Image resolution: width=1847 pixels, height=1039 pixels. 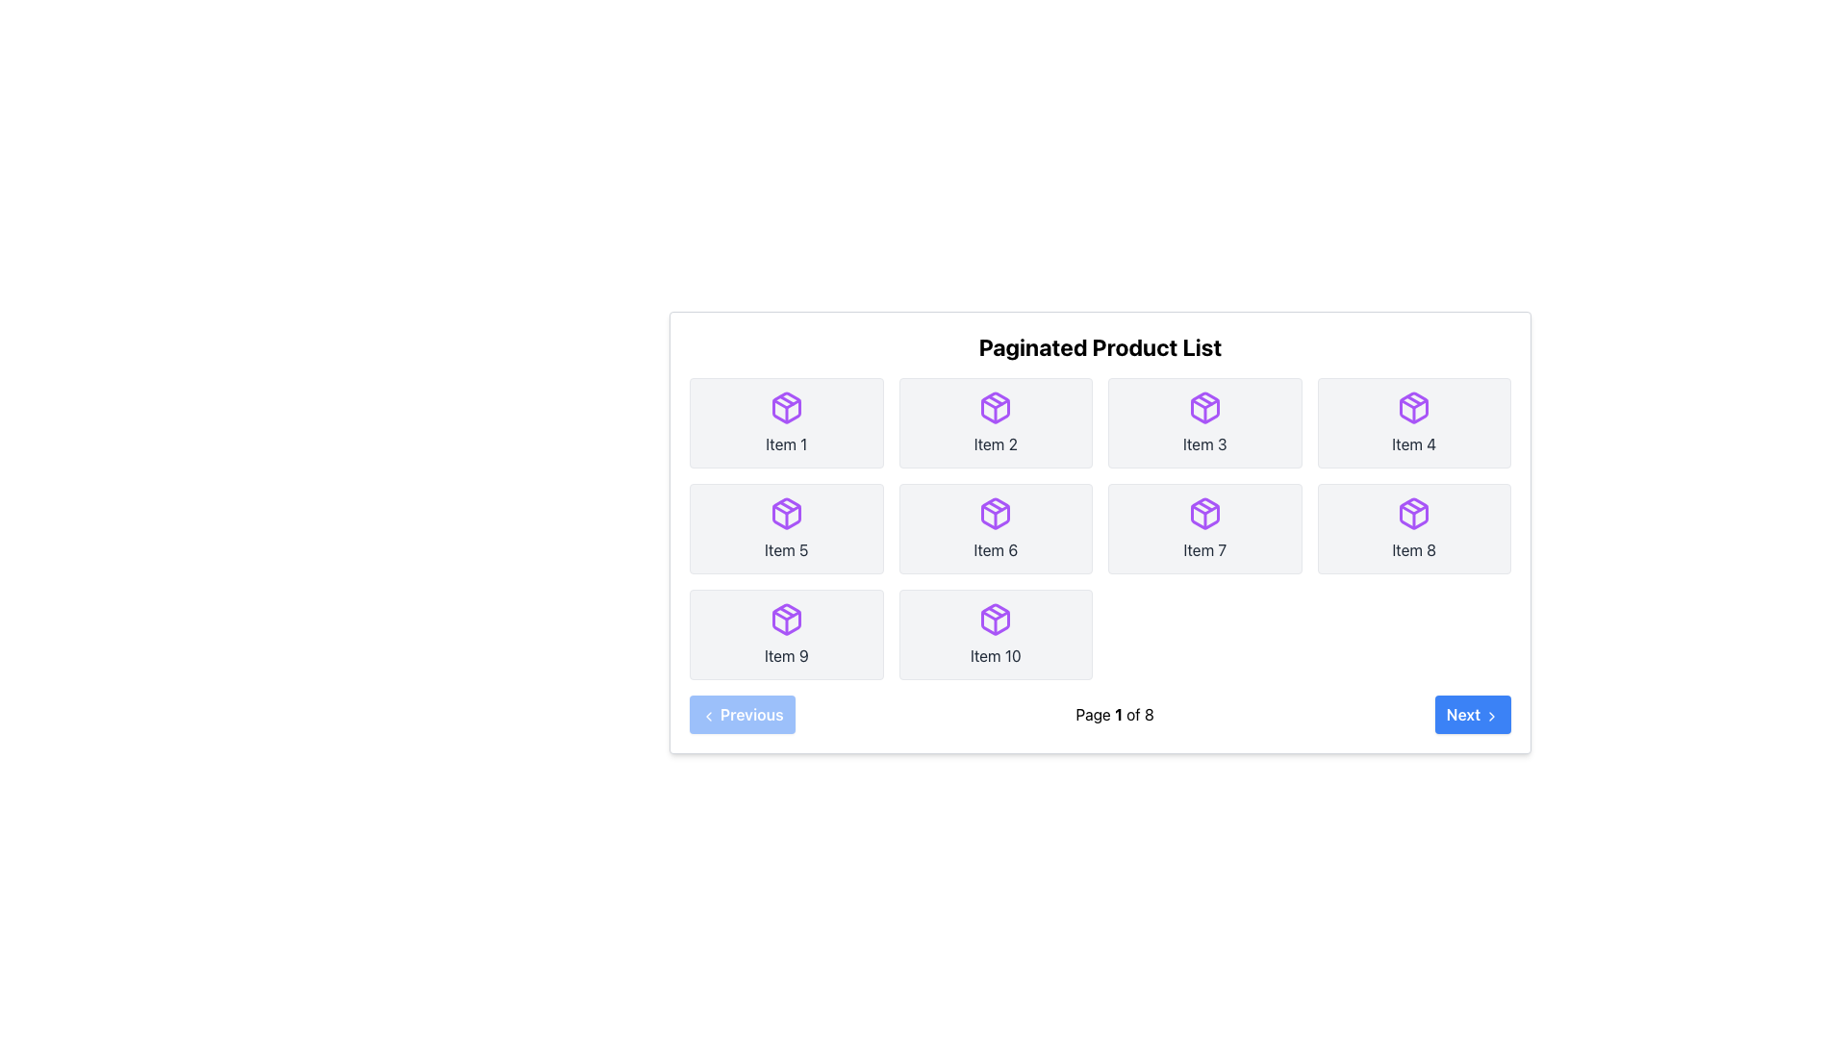 I want to click on the icon representing the item in the bottom-right corner of the 3x4 grid in the card labeled 'Item 10' to interact with it, so click(x=996, y=620).